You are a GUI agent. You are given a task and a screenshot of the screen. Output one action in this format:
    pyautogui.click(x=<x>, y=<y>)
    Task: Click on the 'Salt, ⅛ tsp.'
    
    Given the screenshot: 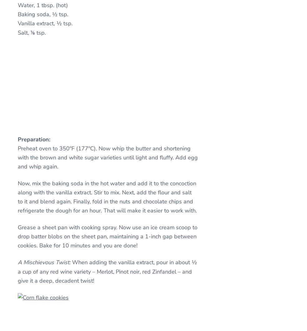 What is the action you would take?
    pyautogui.click(x=31, y=32)
    